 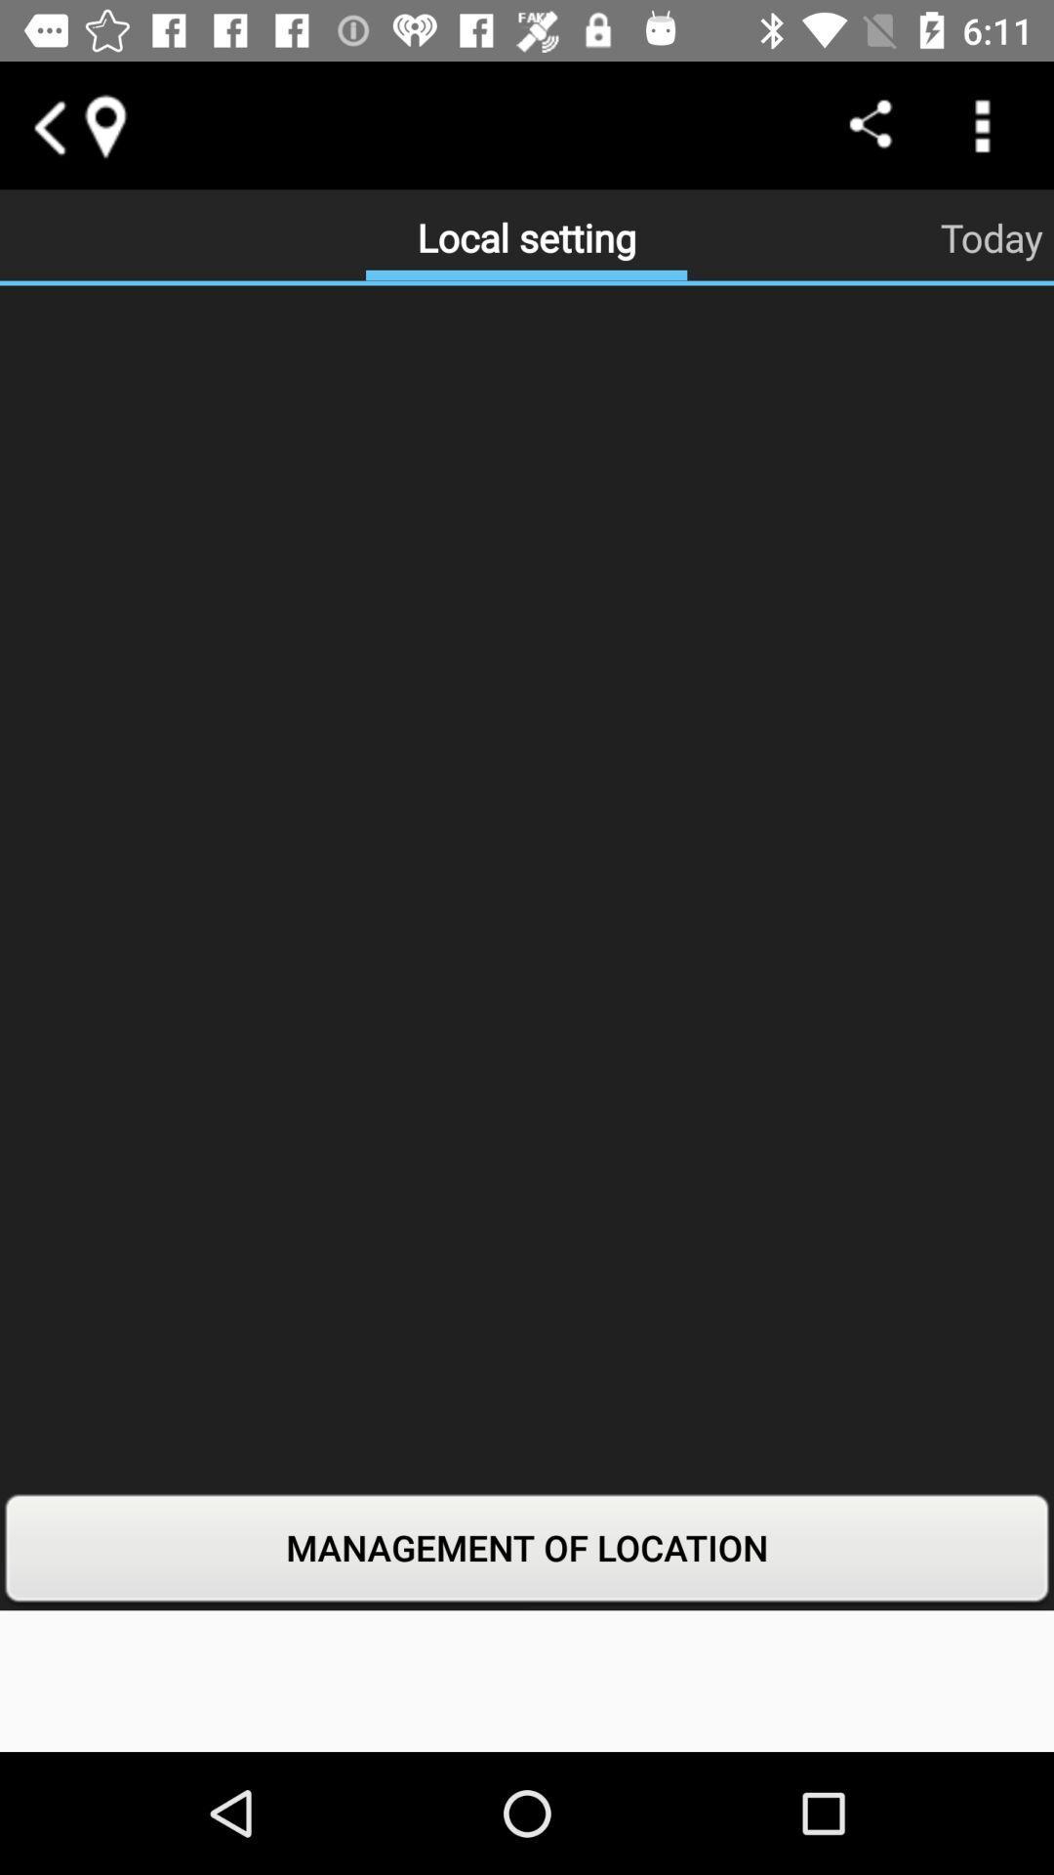 What do you see at coordinates (47, 124) in the screenshot?
I see `the arrow_backward icon` at bounding box center [47, 124].